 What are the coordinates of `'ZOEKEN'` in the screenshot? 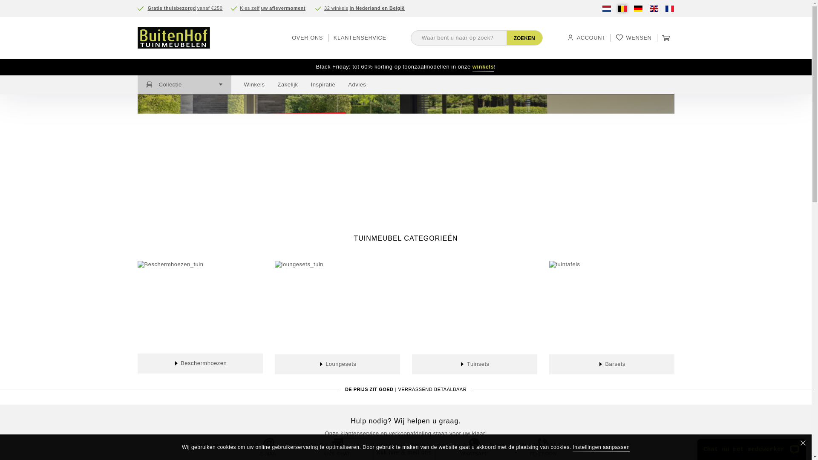 It's located at (507, 37).